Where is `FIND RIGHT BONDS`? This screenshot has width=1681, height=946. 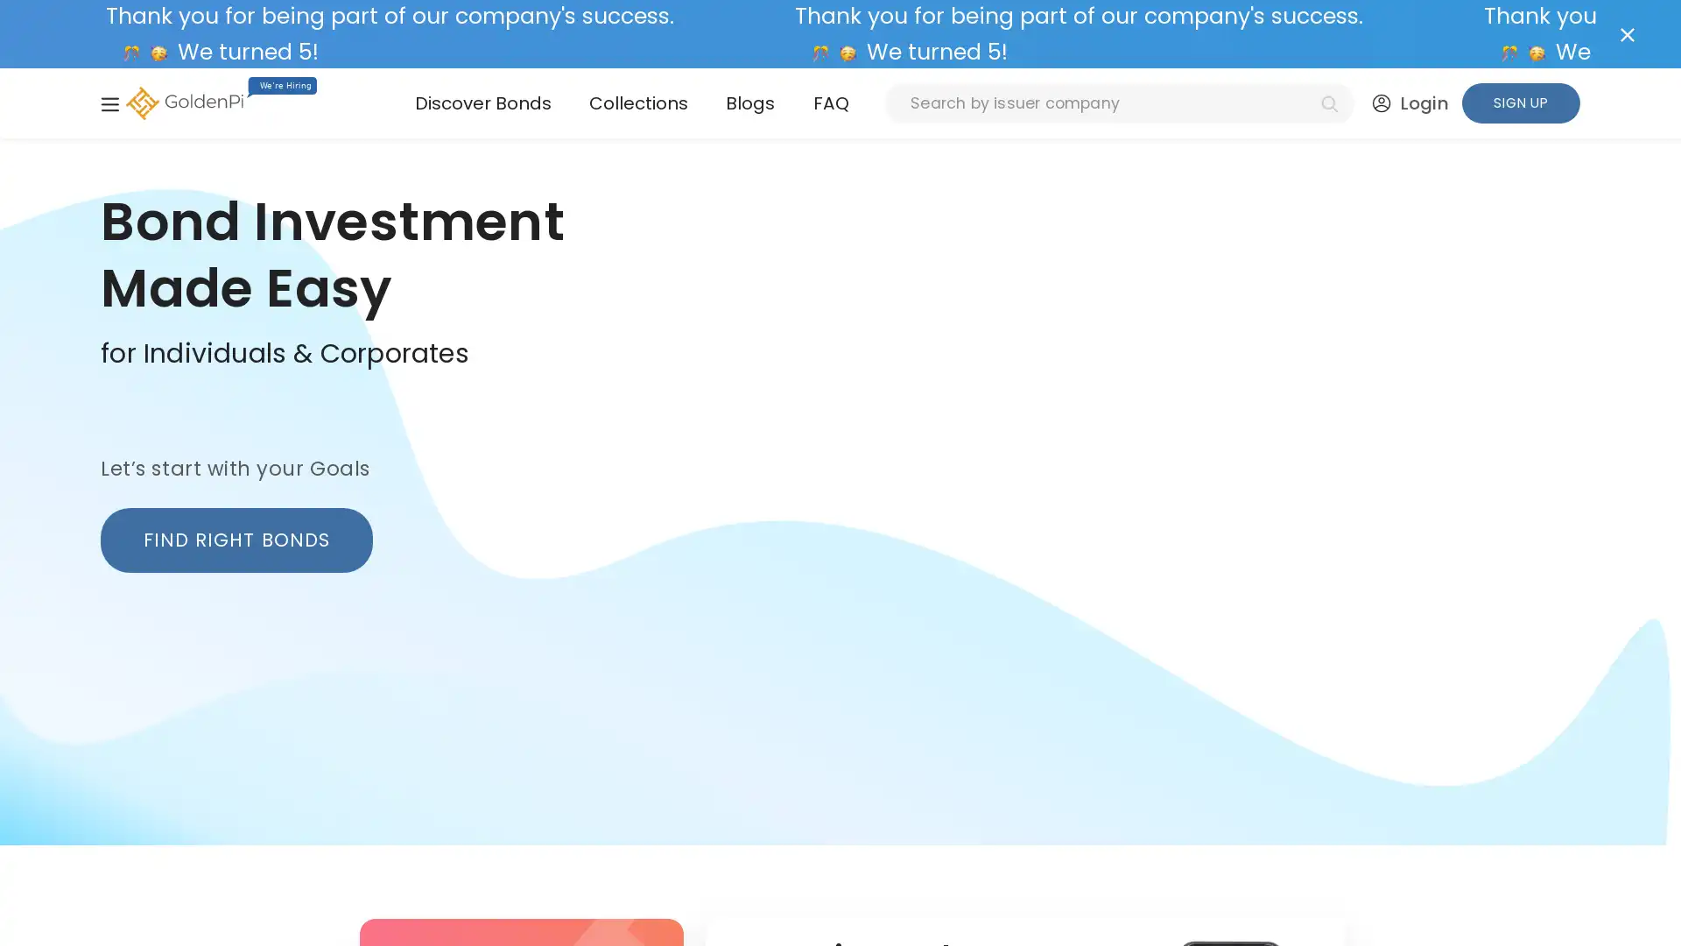
FIND RIGHT BONDS is located at coordinates (235, 539).